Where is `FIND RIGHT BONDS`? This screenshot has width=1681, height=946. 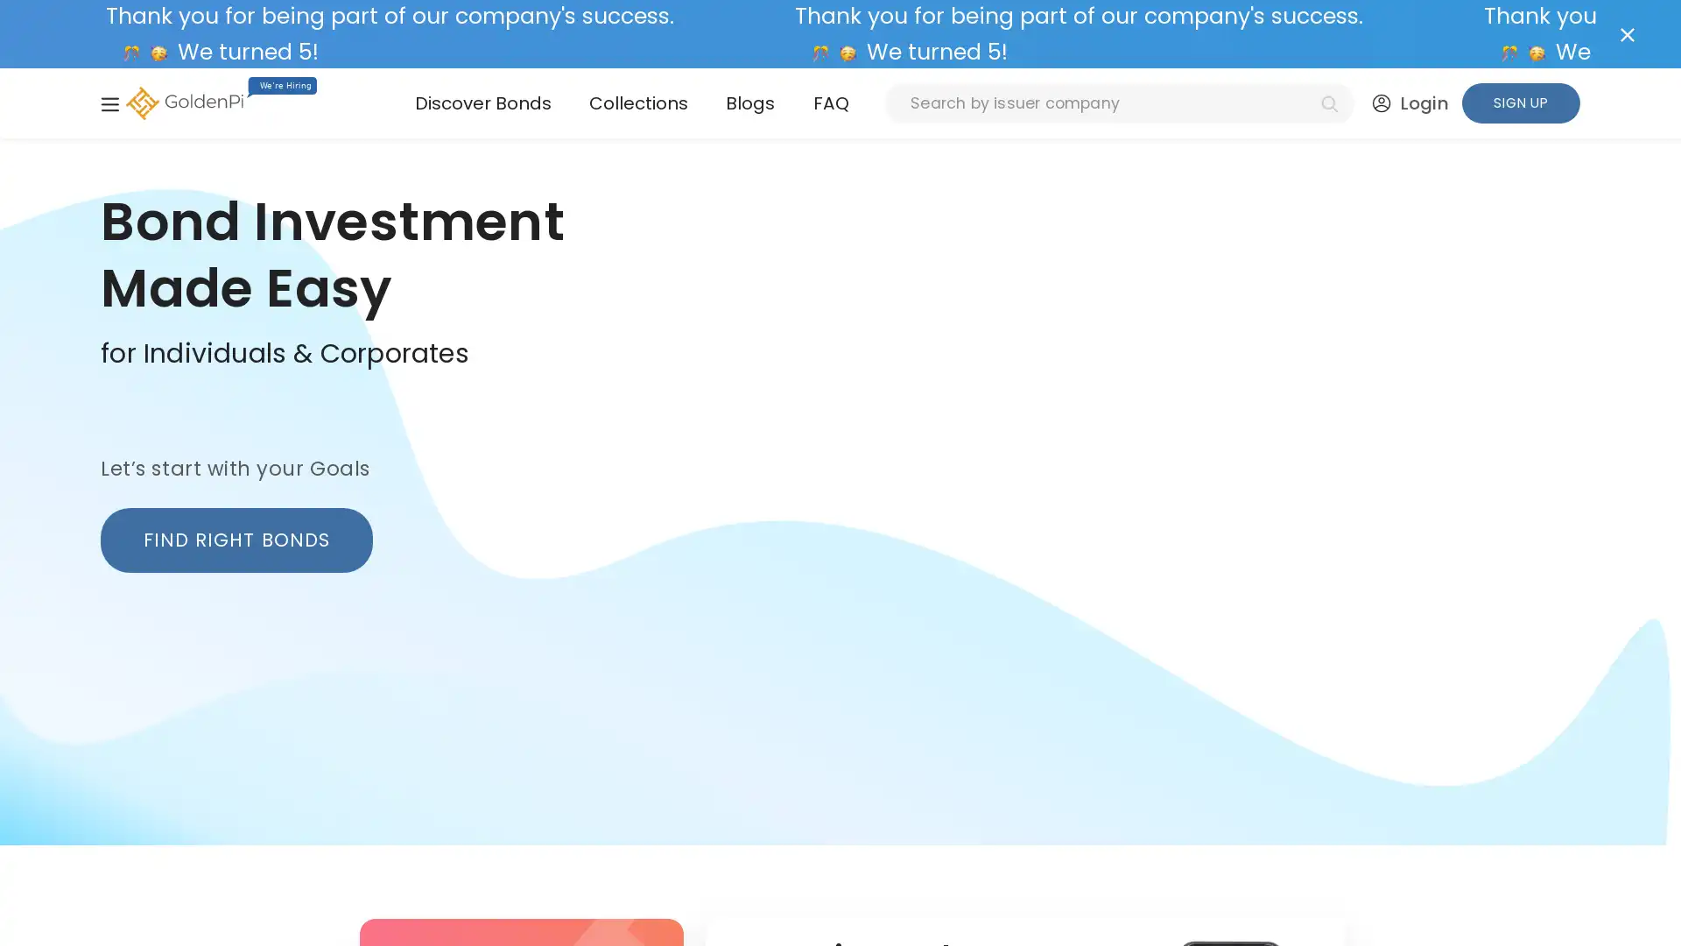
FIND RIGHT BONDS is located at coordinates (235, 539).